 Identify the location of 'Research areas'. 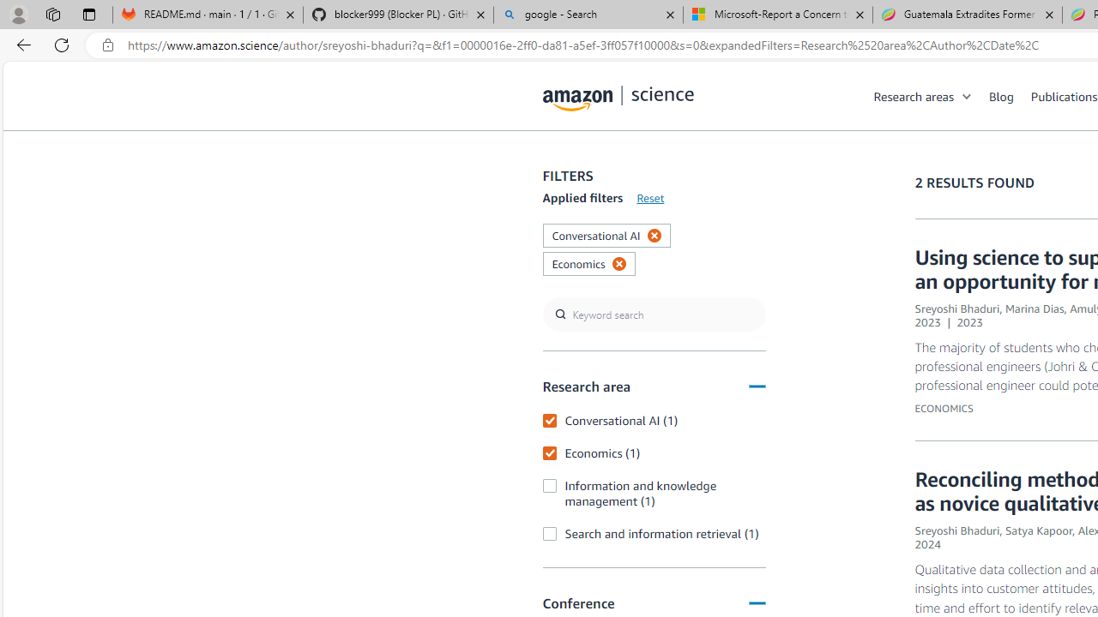
(913, 95).